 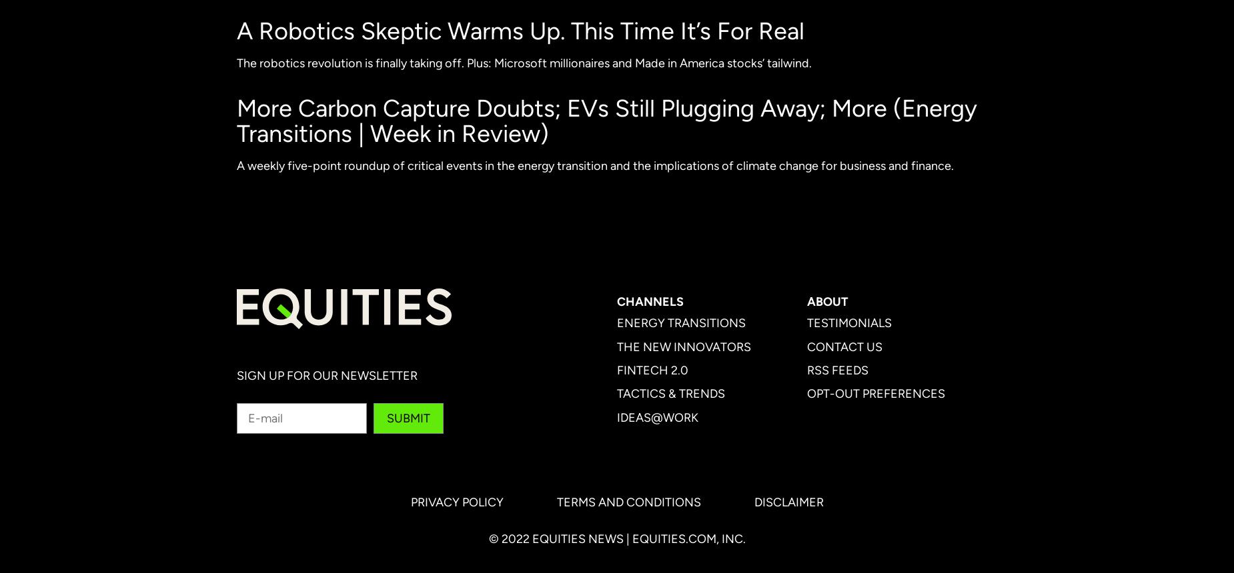 I want to click on 'RSS Feeds', so click(x=836, y=370).